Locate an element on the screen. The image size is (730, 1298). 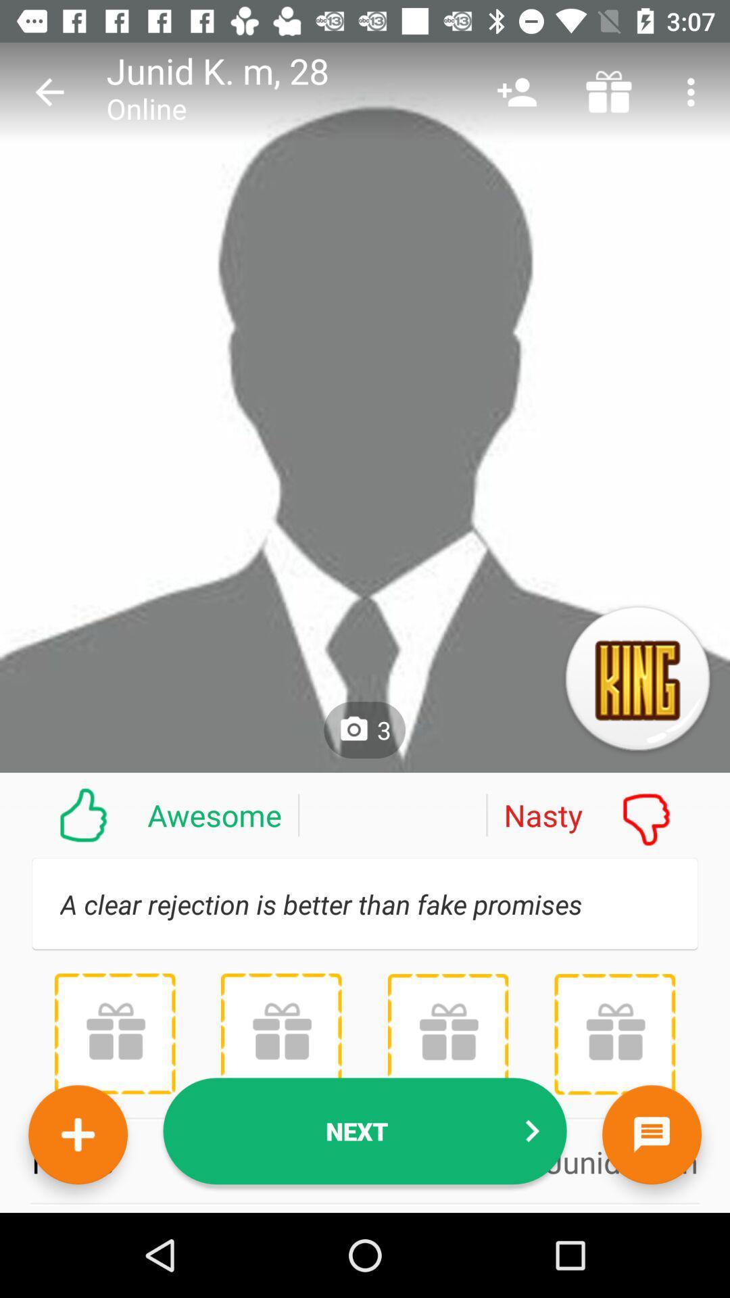
icon below a clear rejection icon is located at coordinates (365, 1131).